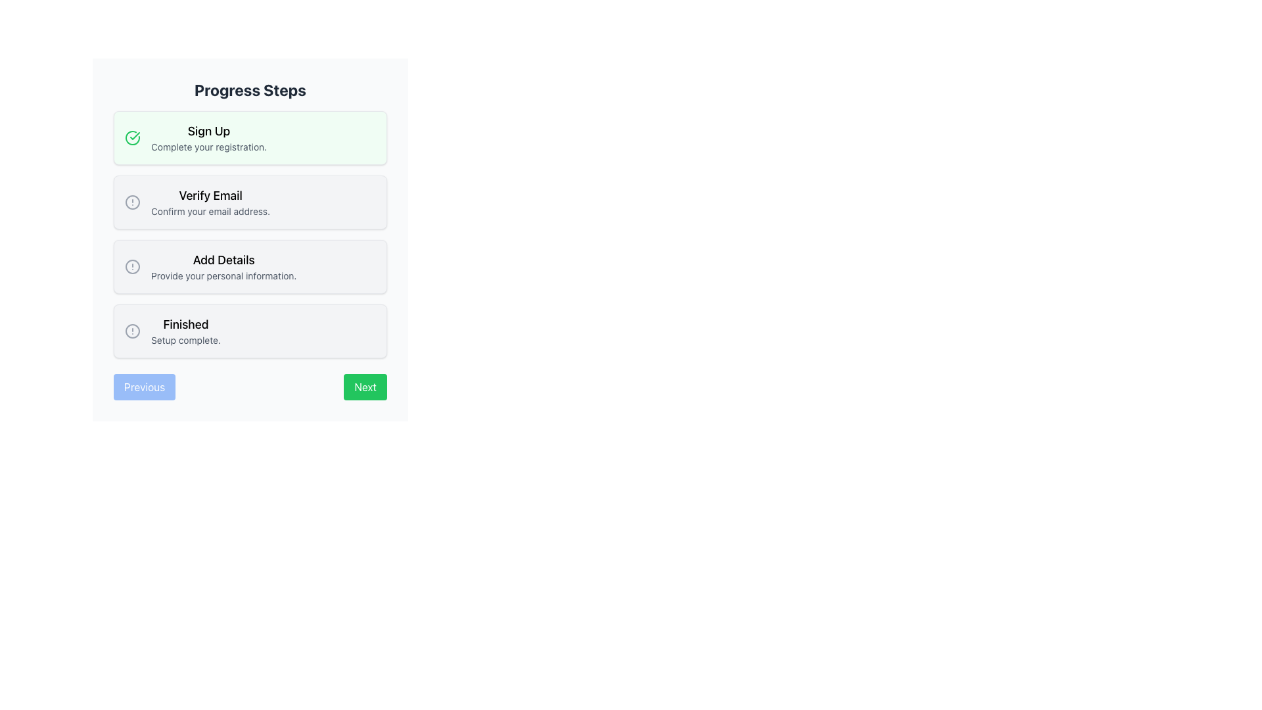  I want to click on the text label that reads 'Provide your personal information.' which is part of the 'Add Details' step in the progress indicator, so click(223, 275).